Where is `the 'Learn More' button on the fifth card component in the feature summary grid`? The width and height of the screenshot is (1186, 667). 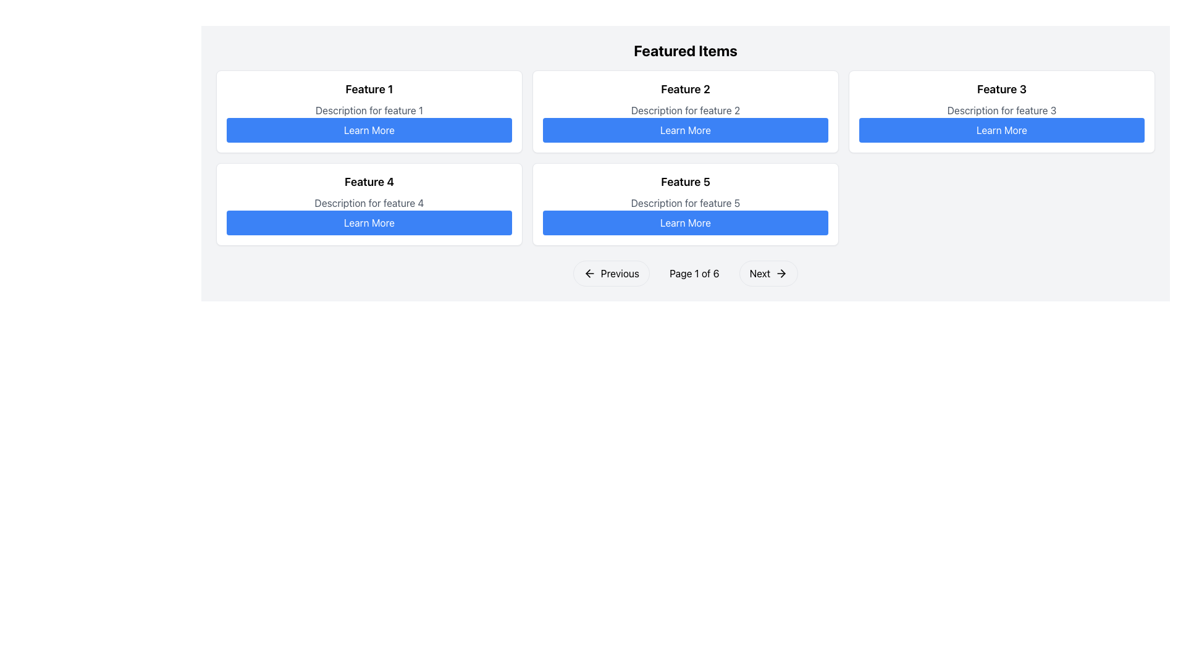 the 'Learn More' button on the fifth card component in the feature summary grid is located at coordinates (684, 204).